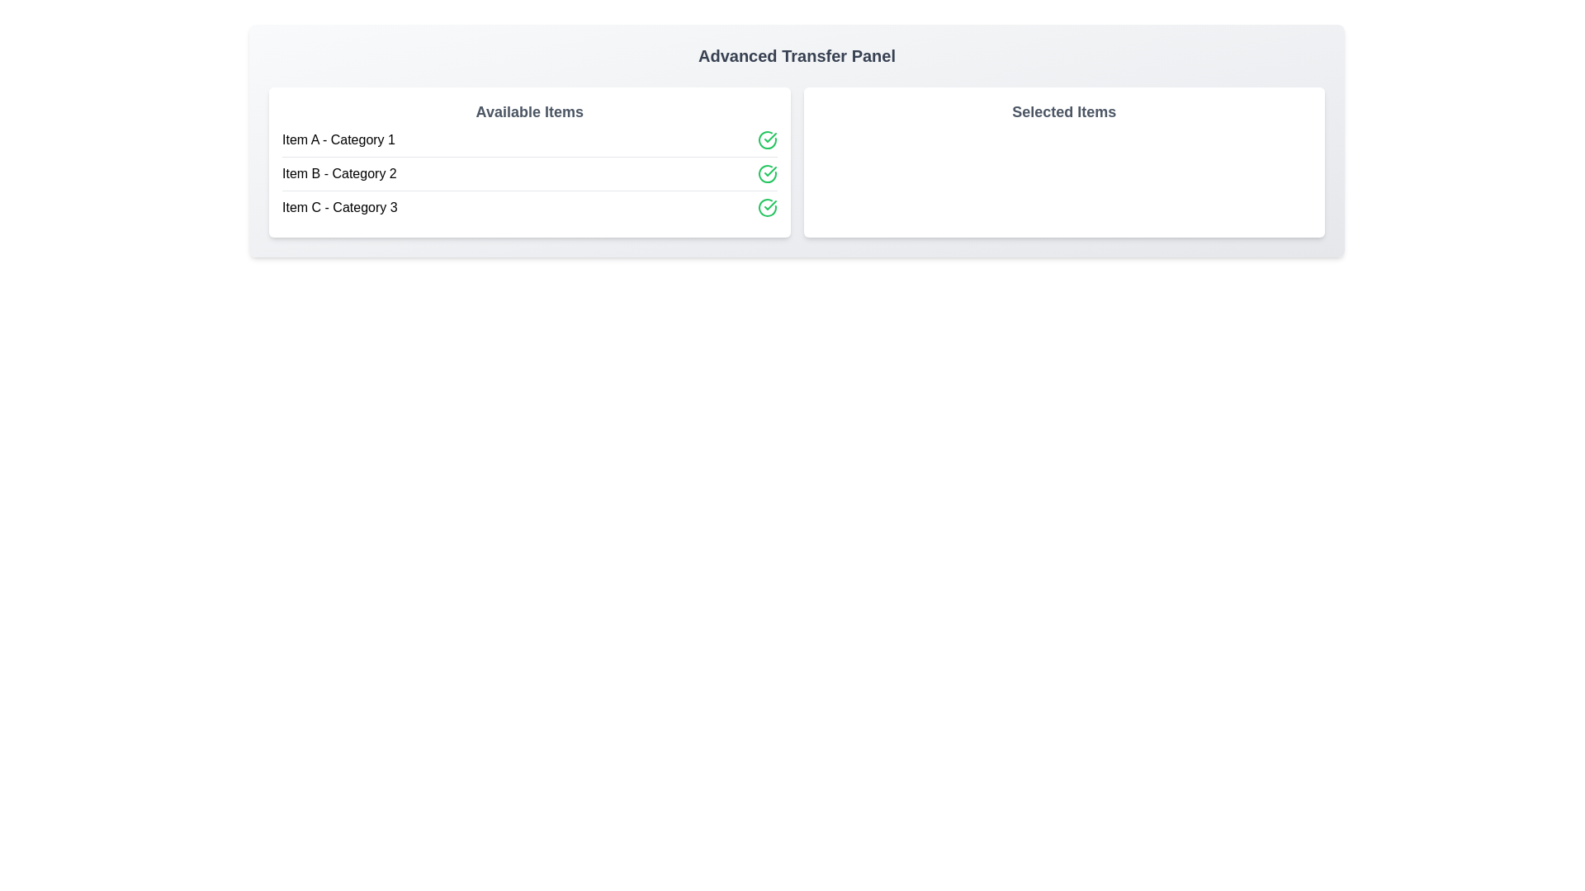 This screenshot has height=891, width=1585. I want to click on the green circular icon with a checkmark inside, which is located at the far right edge of the row labeled 'Item B - Category 2' in the left panel under 'Available Items', so click(766, 174).